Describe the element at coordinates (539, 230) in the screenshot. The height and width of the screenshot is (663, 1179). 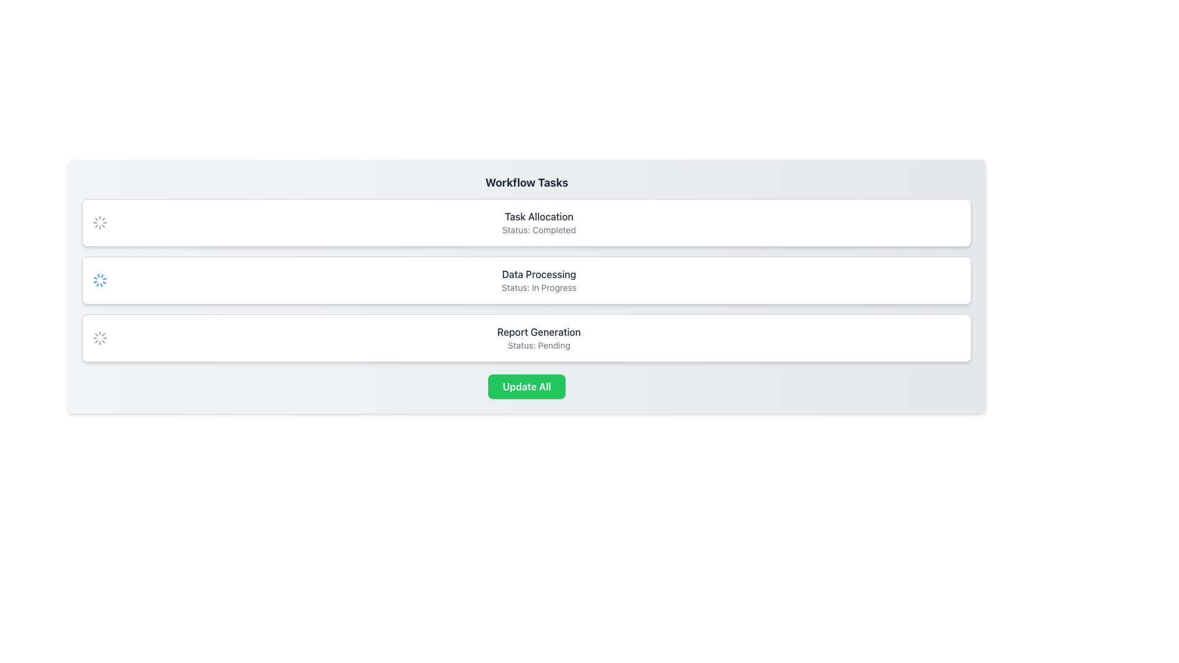
I see `text content of the status indicator located within the first task card under the 'Workflow Tasks' section, directly below the 'Task Allocation' text` at that location.